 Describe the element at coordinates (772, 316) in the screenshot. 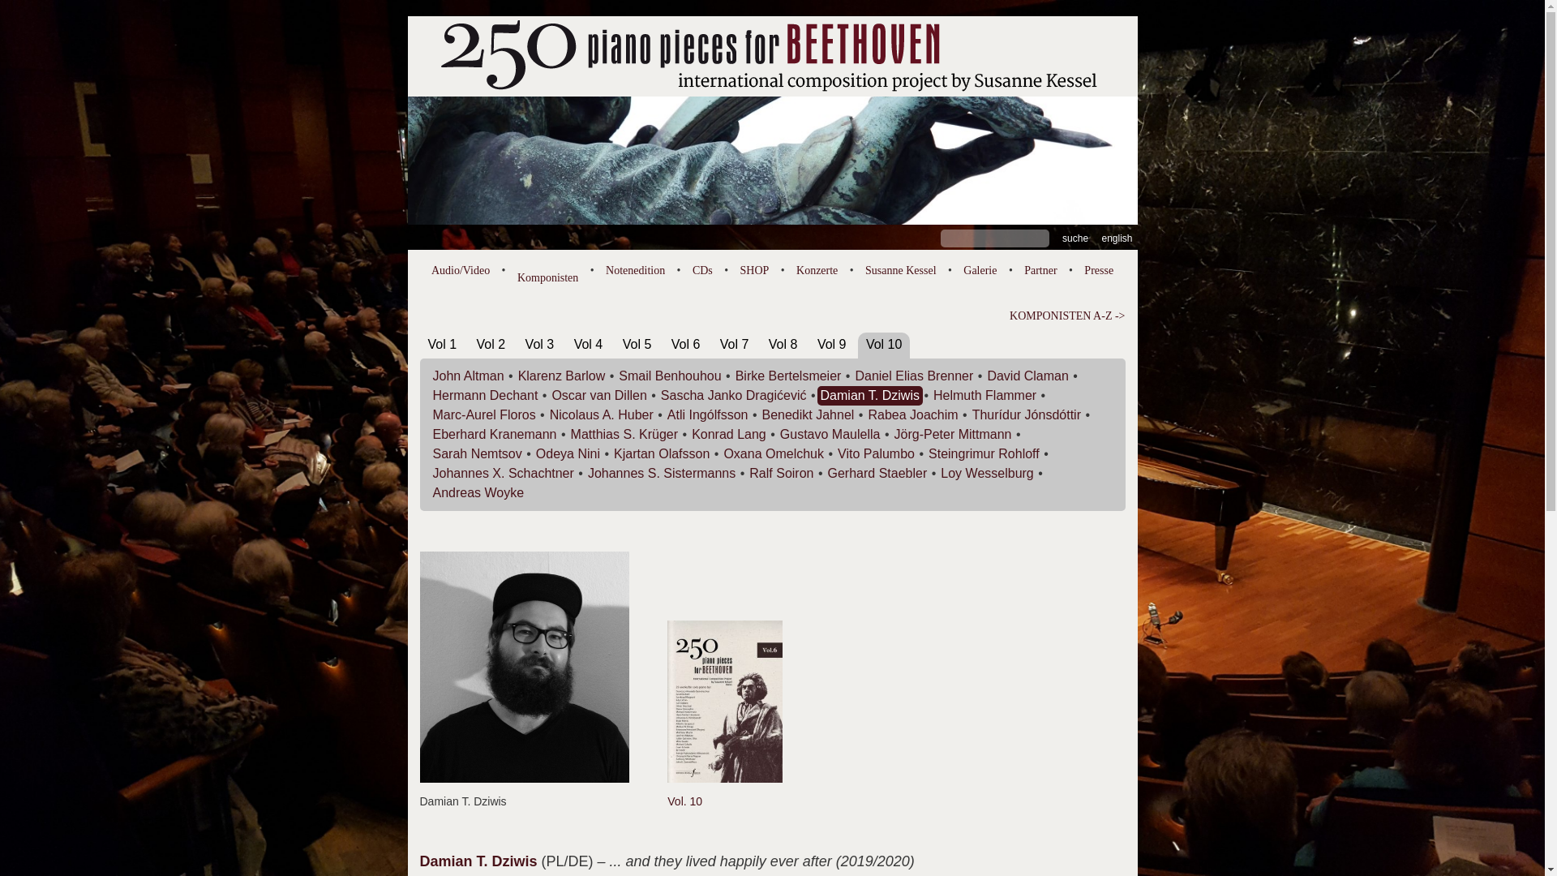

I see `'KOMPONISTEN A-Z ->'` at that location.